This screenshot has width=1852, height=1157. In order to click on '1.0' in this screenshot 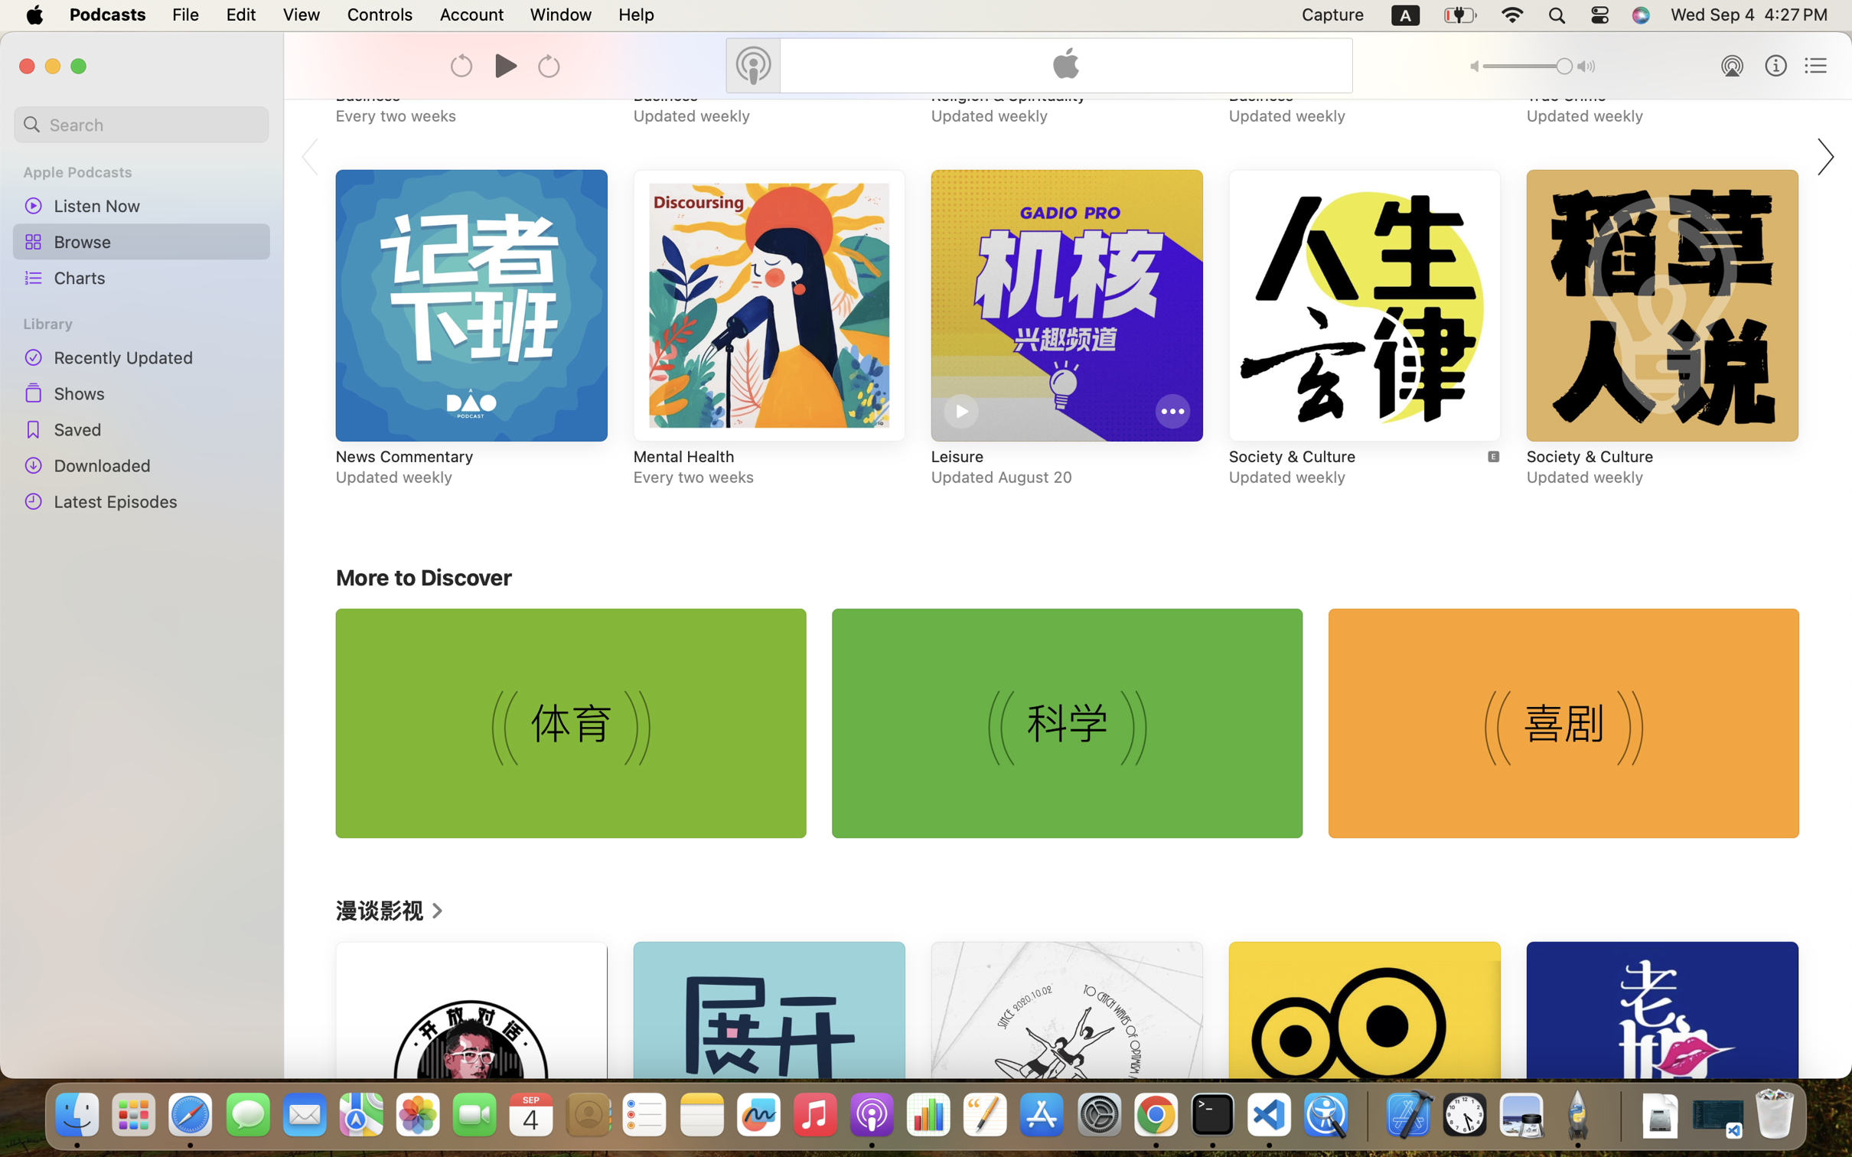, I will do `click(1528, 66)`.